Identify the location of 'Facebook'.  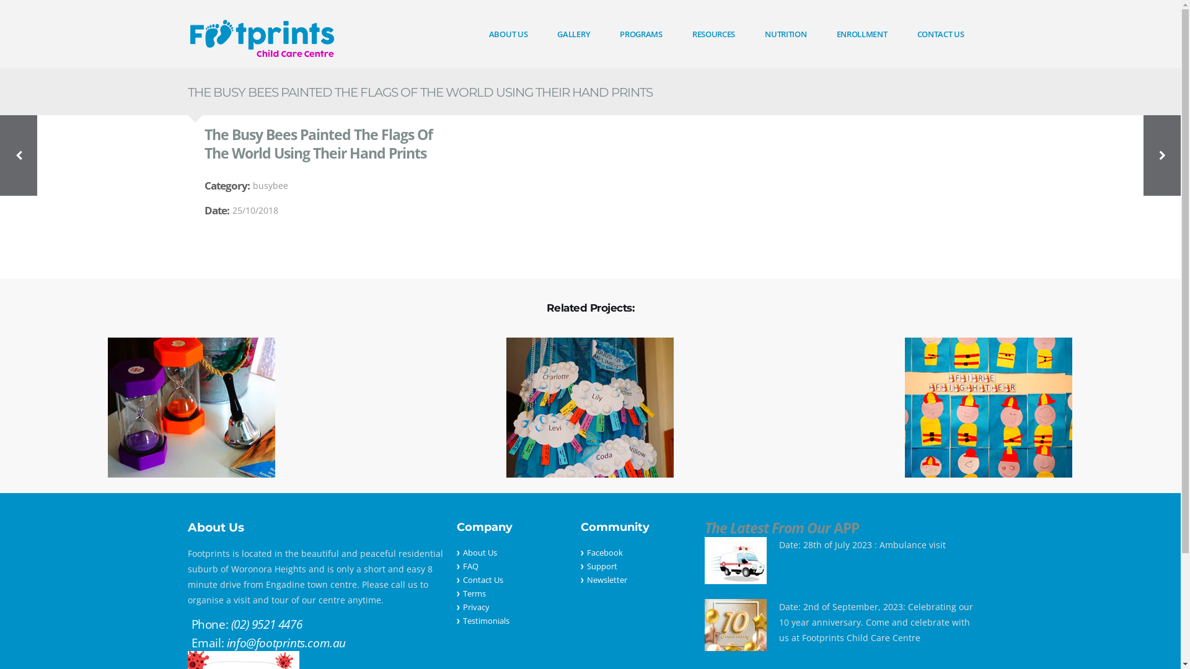
(604, 551).